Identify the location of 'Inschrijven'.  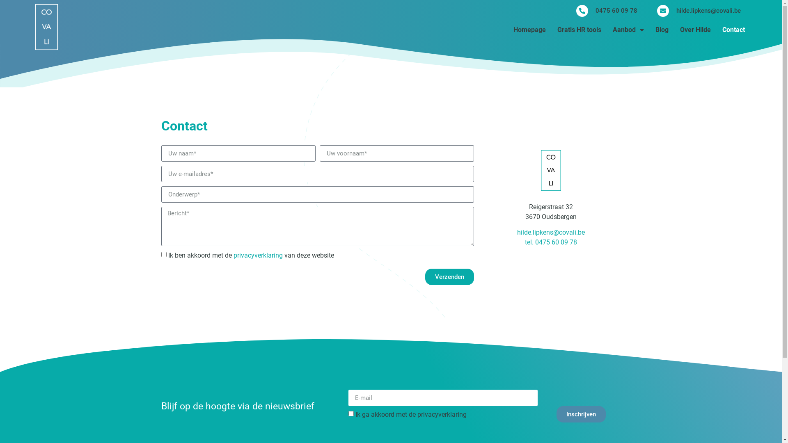
(581, 414).